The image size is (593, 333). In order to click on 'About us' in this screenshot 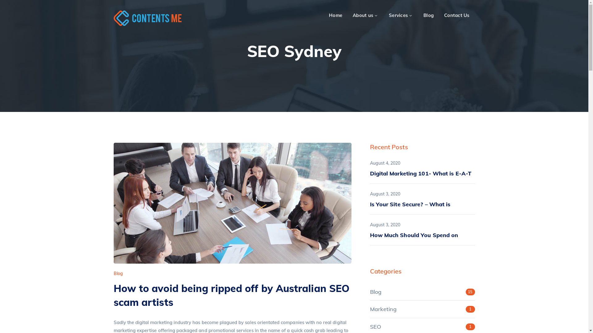, I will do `click(365, 15)`.